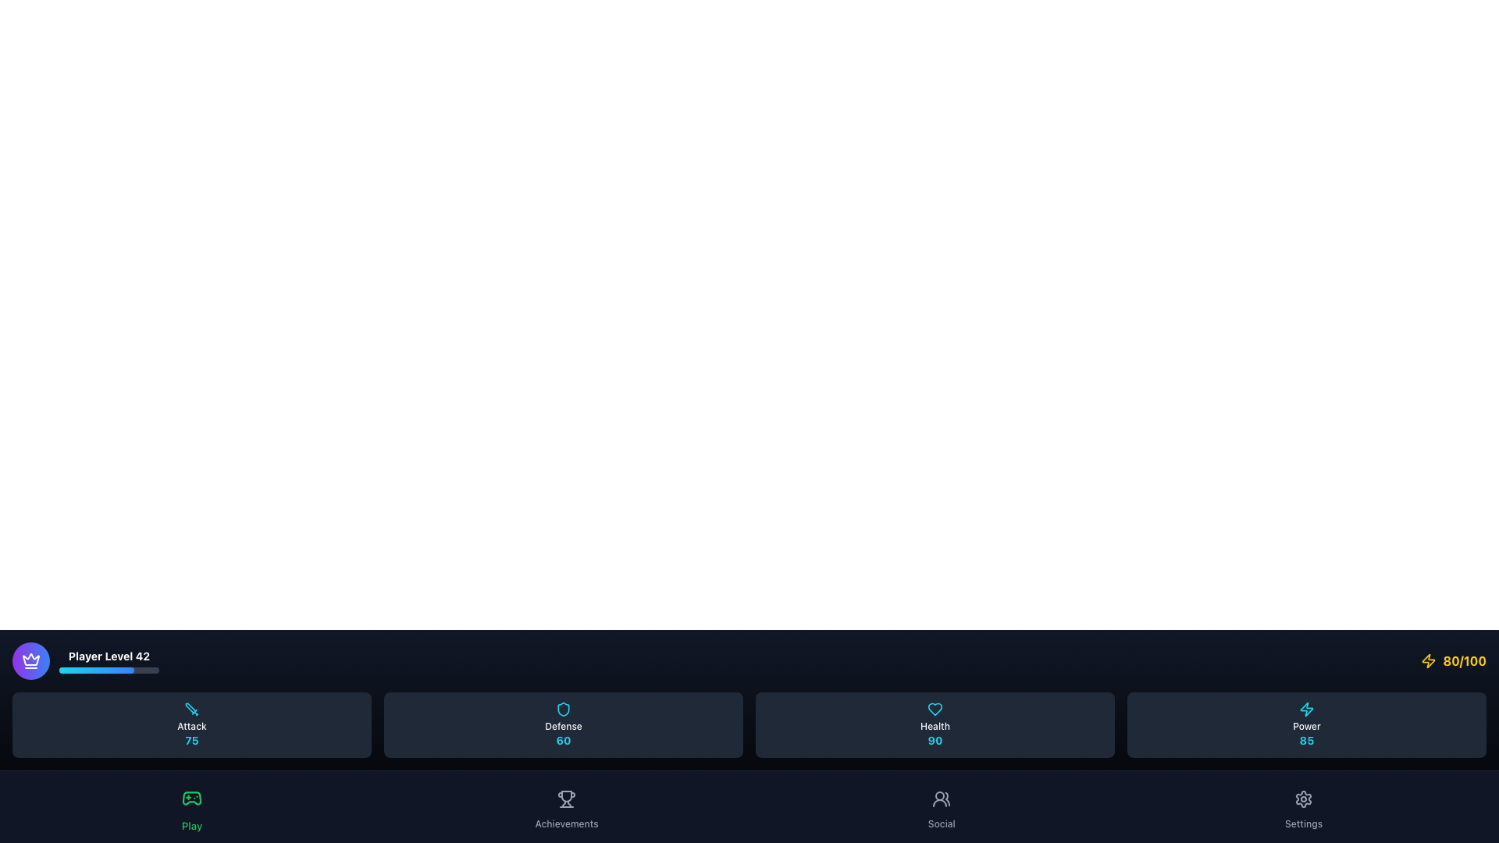  What do you see at coordinates (566, 796) in the screenshot?
I see `the filled shield base of the trophy icon, which visually represents an achievement or award in the lower navigation bar, above the labeled 'Achievements' section` at bounding box center [566, 796].